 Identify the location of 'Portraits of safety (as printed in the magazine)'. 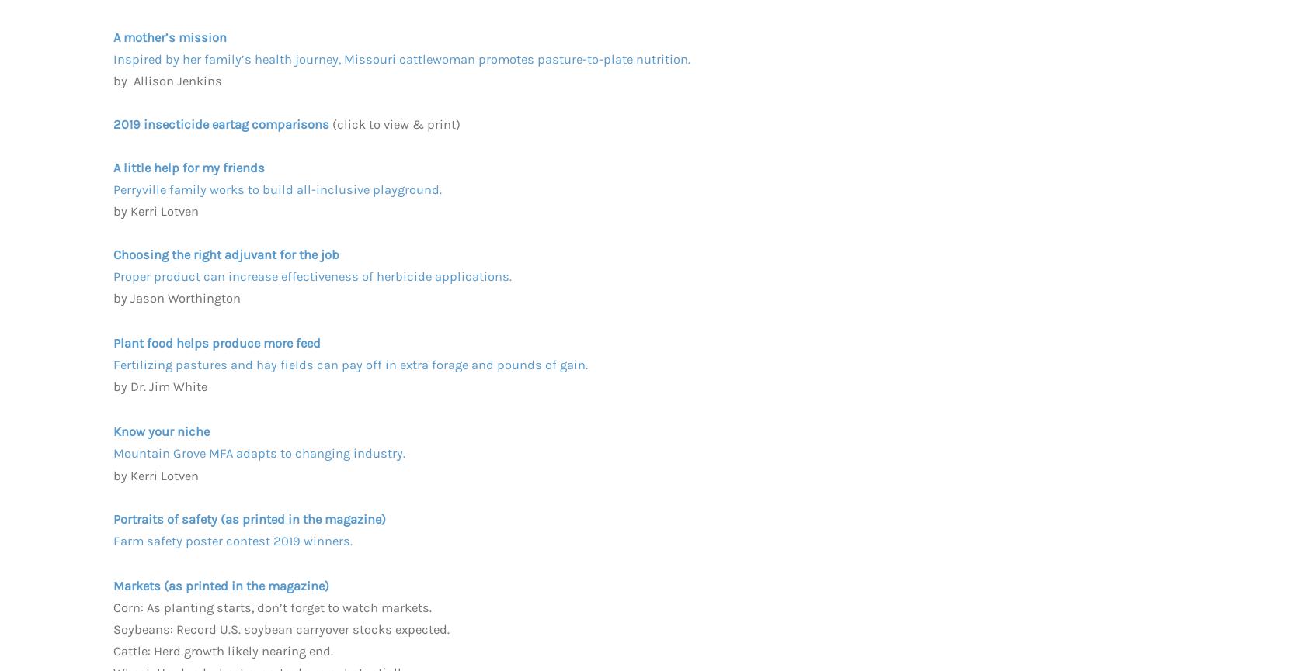
(249, 518).